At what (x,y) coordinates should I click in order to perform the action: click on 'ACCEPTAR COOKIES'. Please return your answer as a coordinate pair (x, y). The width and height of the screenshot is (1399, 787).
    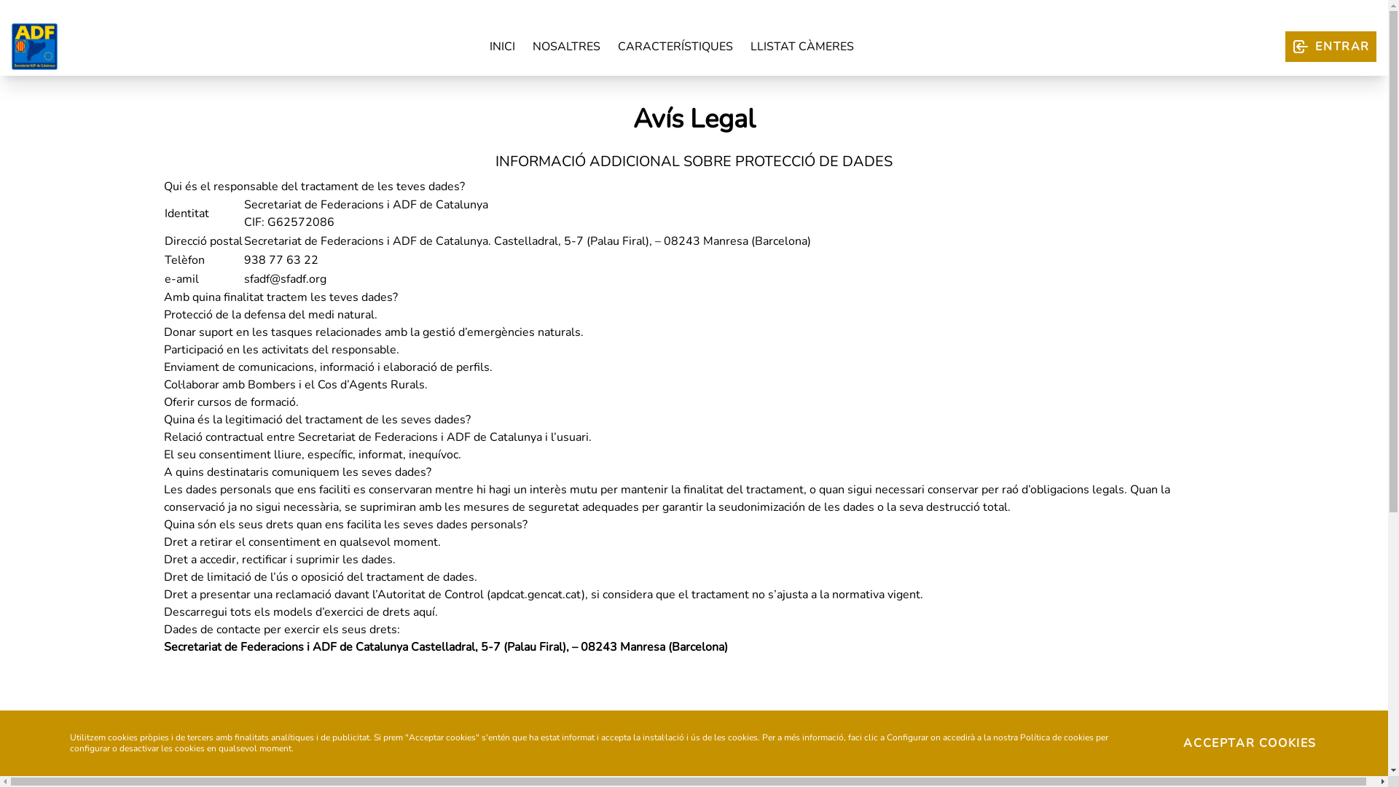
    Looking at the image, I should click on (1249, 743).